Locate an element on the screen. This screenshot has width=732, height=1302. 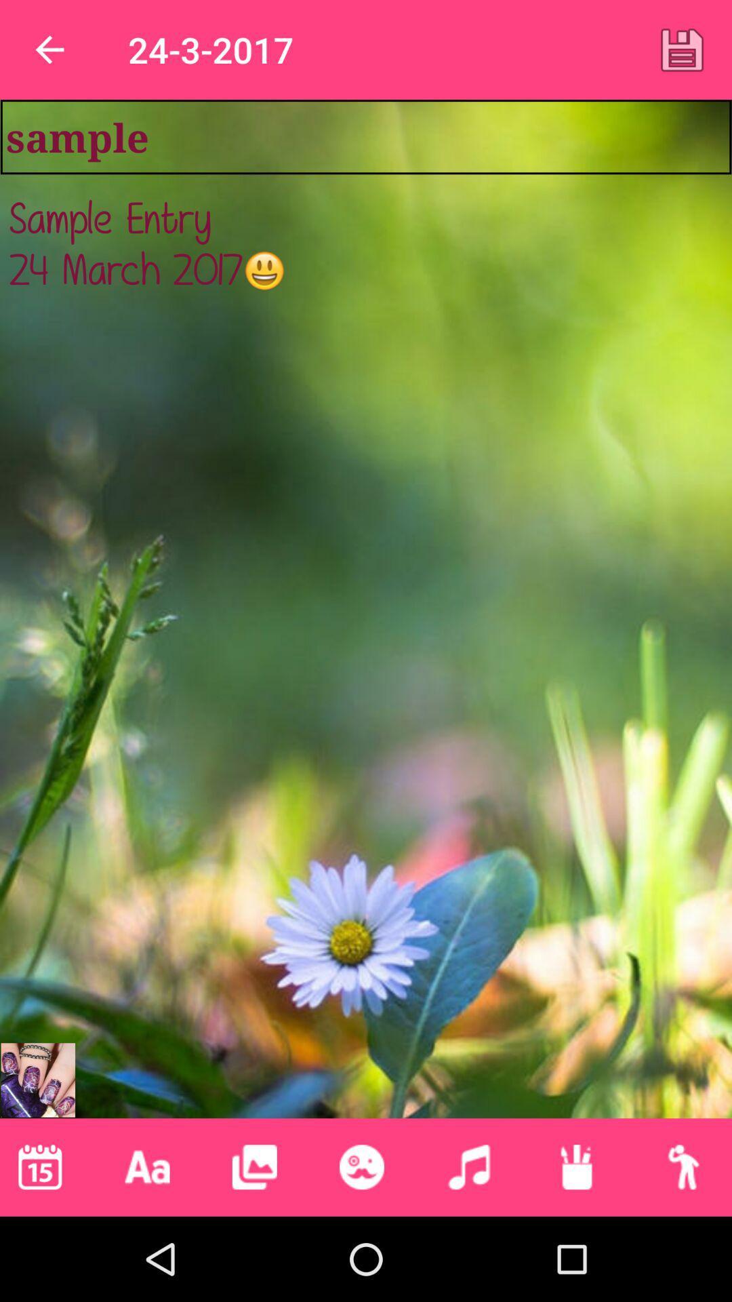
item below sample entry 24 icon is located at coordinates (254, 1166).